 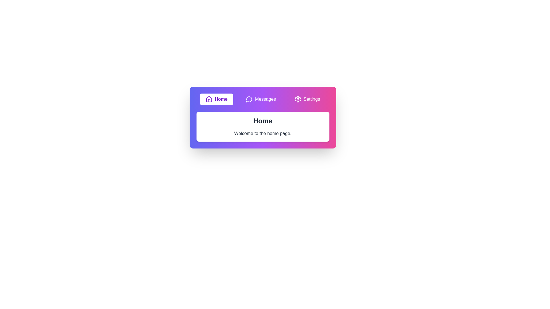 What do you see at coordinates (249, 99) in the screenshot?
I see `the Messages icon located between the Home and Settings icons at the top center of the interface` at bounding box center [249, 99].